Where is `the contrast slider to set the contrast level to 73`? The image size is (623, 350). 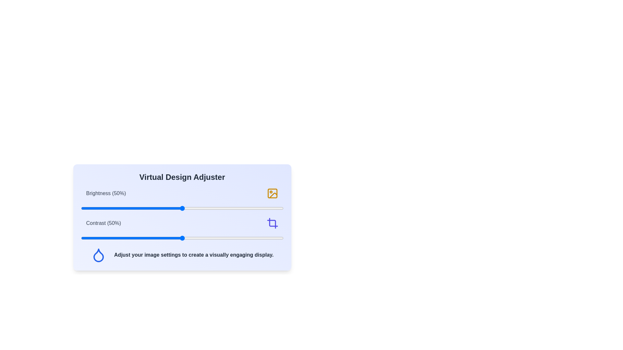 the contrast slider to set the contrast level to 73 is located at coordinates (229, 238).